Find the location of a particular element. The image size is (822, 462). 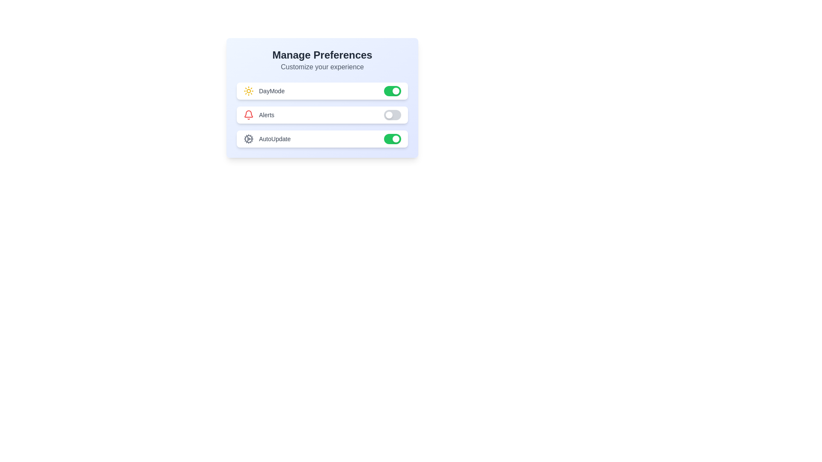

the text label that indicates the function of the adjacent toggle switch for alert-related settings, located to the right of the red bell icon in the preferences panel is located at coordinates (266, 115).